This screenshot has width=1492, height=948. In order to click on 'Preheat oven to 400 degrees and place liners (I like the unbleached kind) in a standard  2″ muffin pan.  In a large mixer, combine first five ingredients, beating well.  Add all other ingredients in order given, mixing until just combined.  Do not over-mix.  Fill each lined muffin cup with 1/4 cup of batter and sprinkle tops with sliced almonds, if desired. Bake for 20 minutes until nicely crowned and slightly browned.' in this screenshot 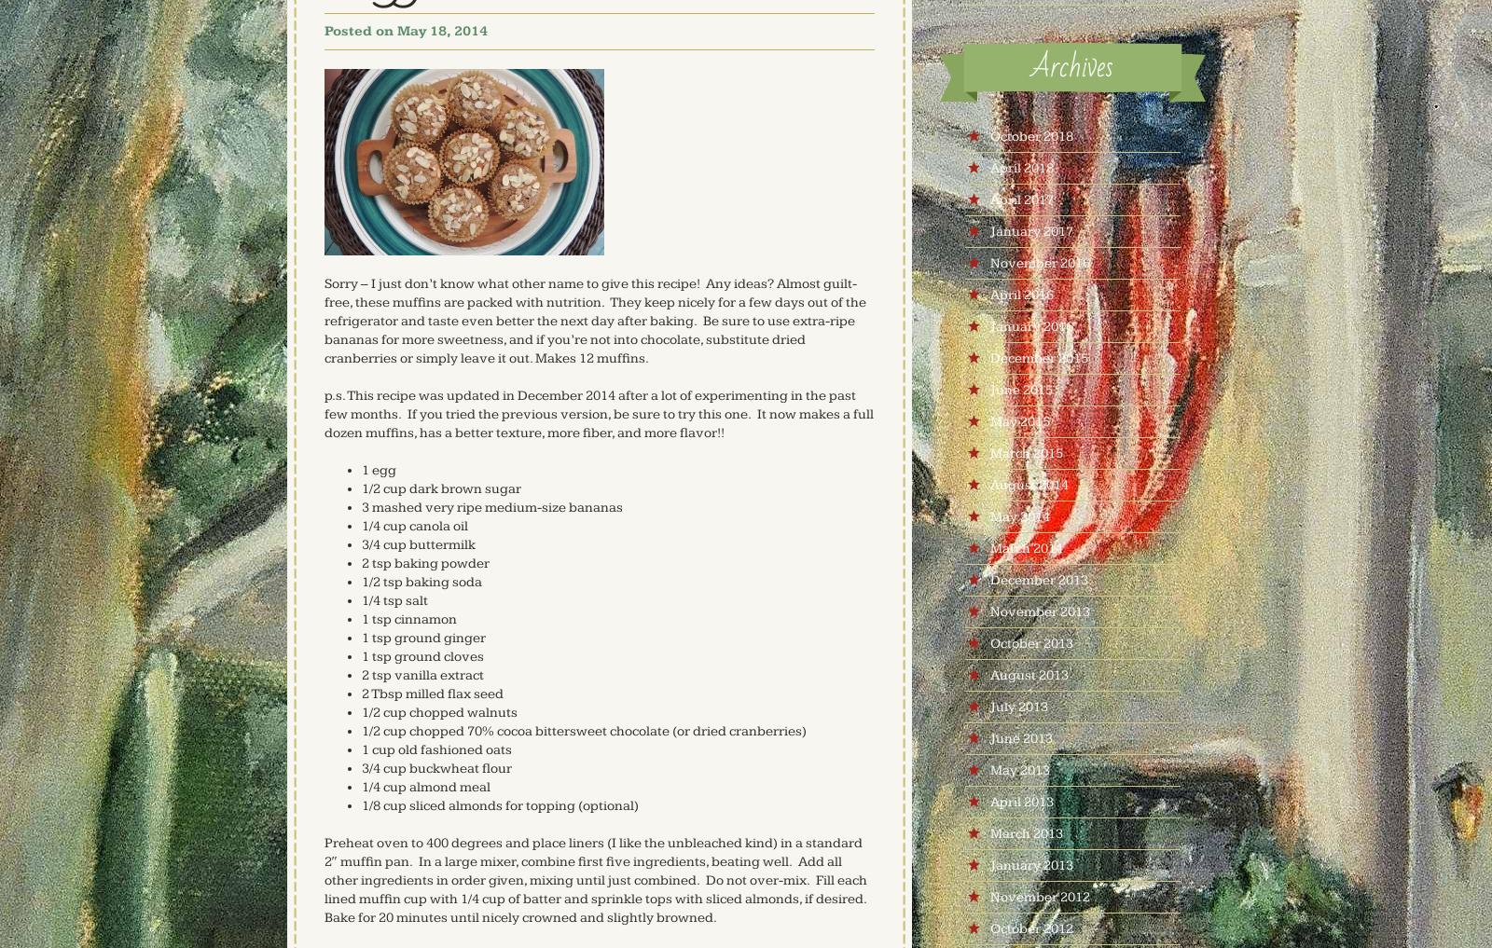, I will do `click(594, 879)`.